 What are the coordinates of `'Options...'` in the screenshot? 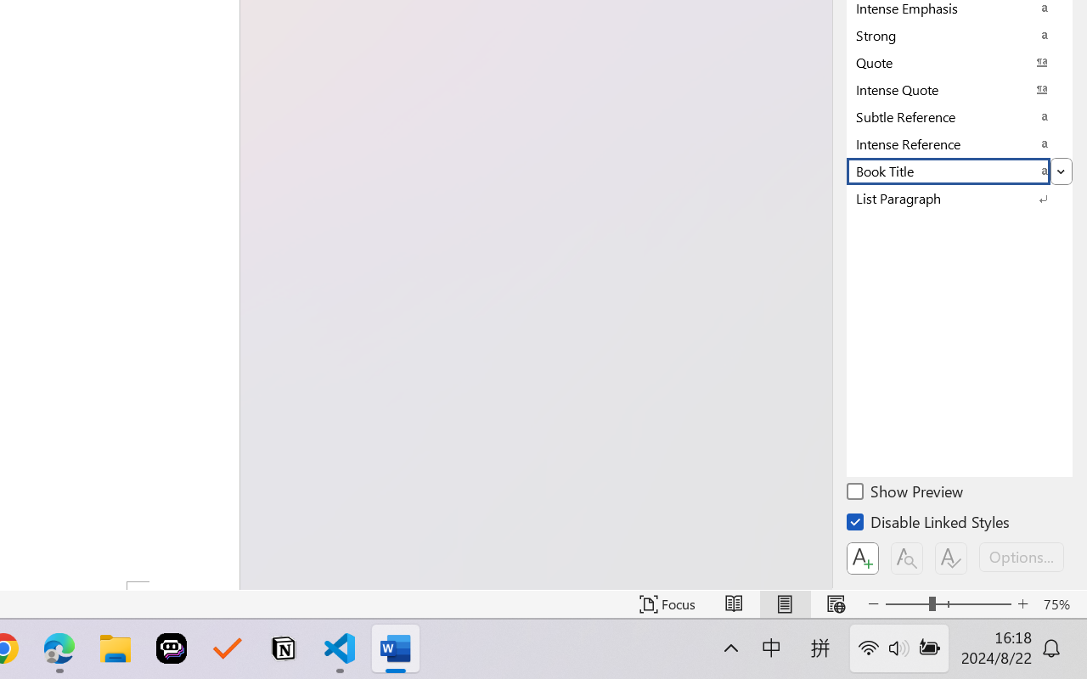 It's located at (1021, 556).